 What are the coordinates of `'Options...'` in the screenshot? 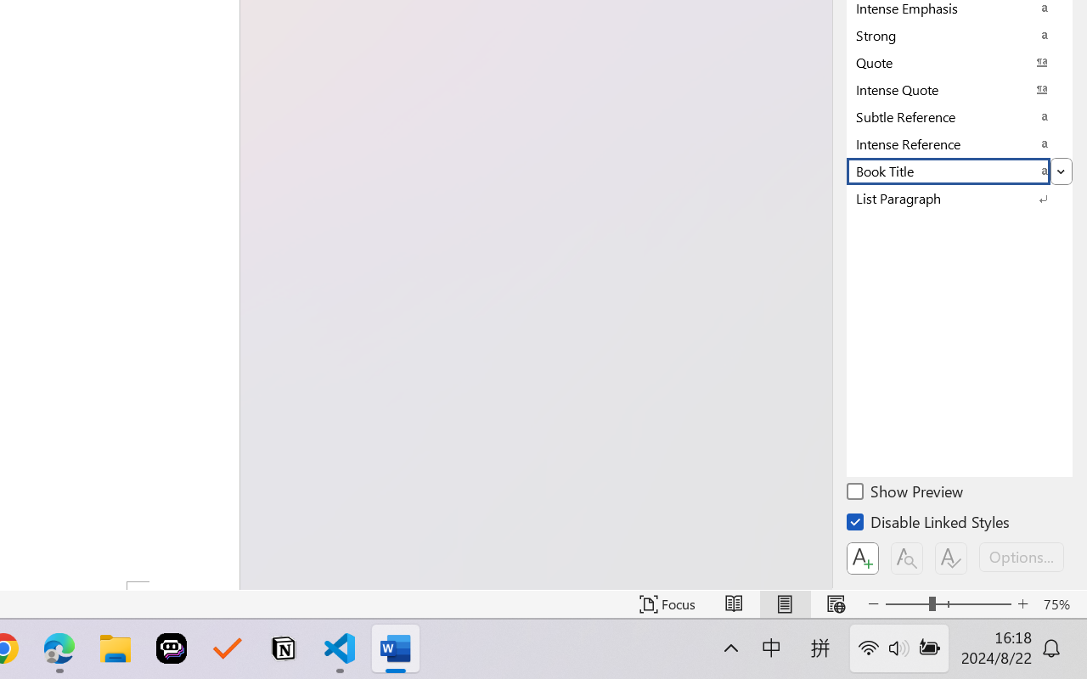 It's located at (1021, 556).